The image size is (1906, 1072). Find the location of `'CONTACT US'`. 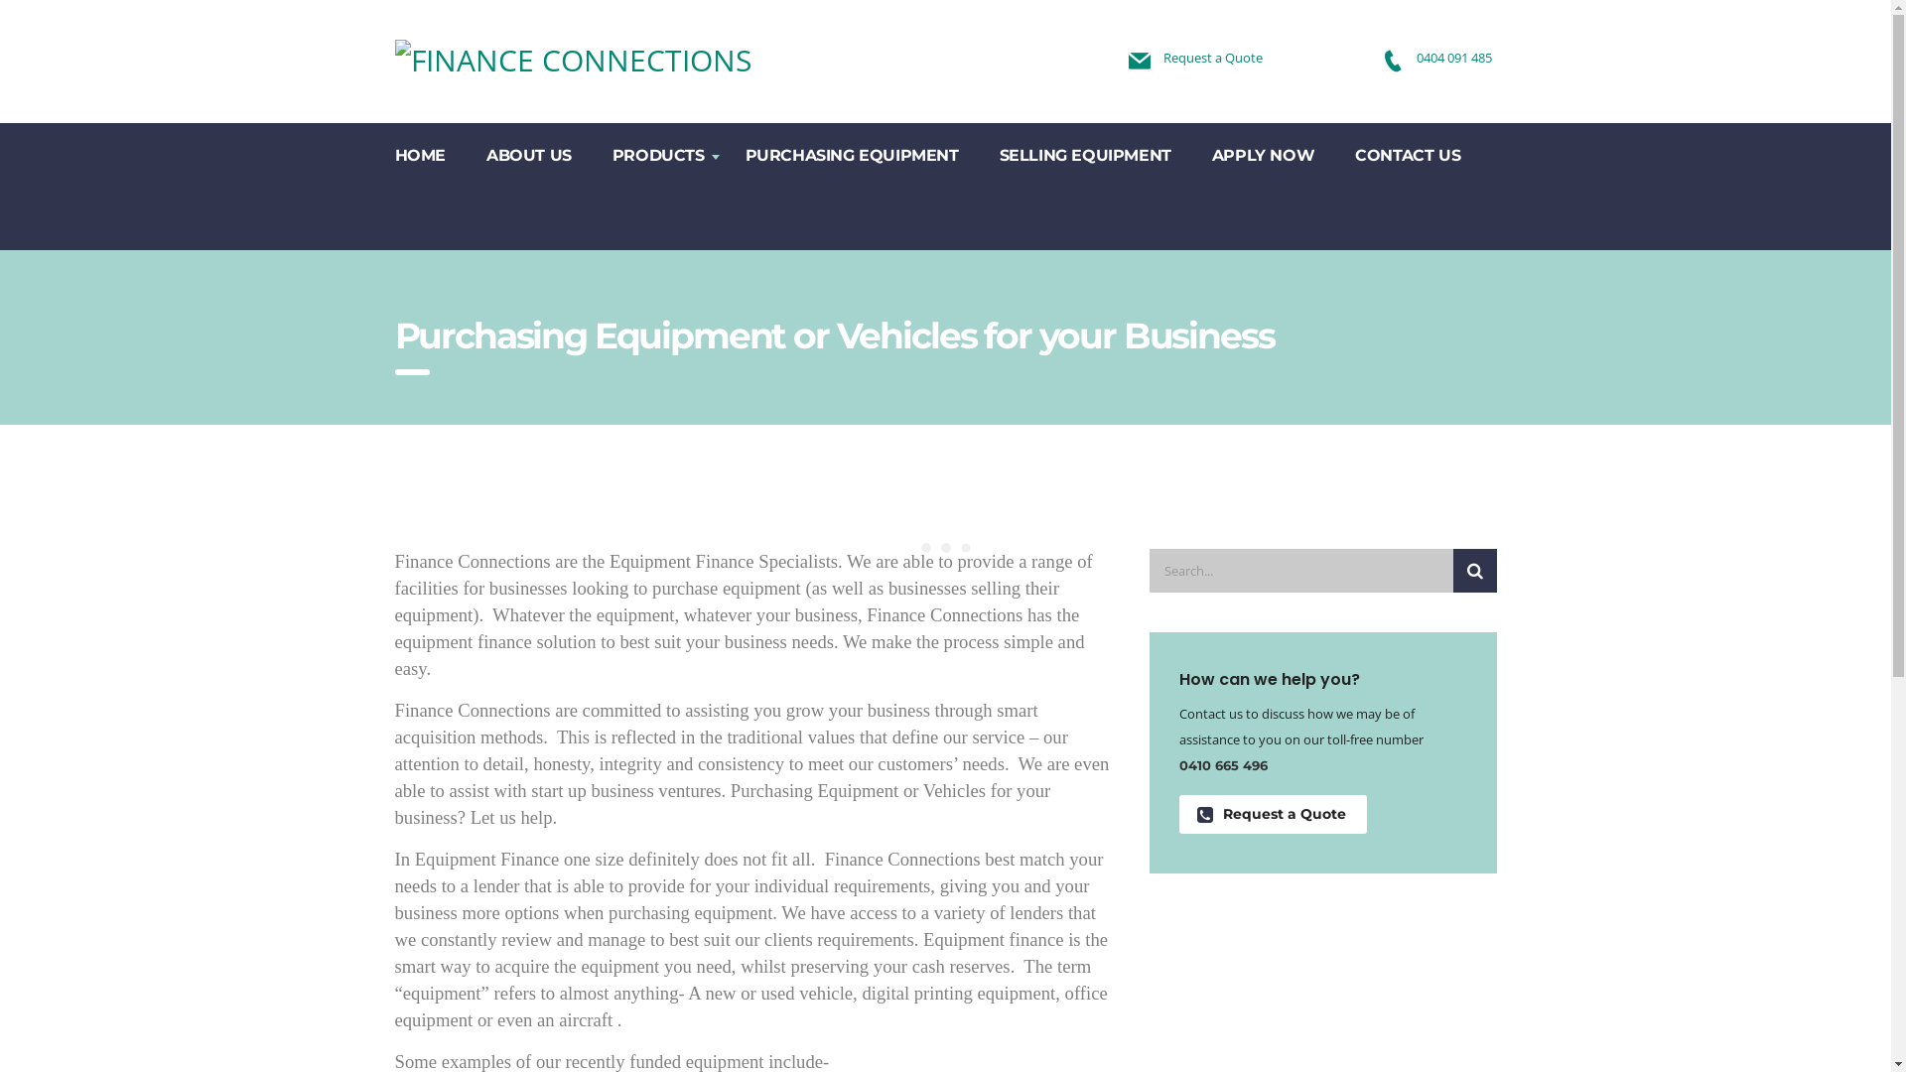

'CONTACT US' is located at coordinates (1407, 153).